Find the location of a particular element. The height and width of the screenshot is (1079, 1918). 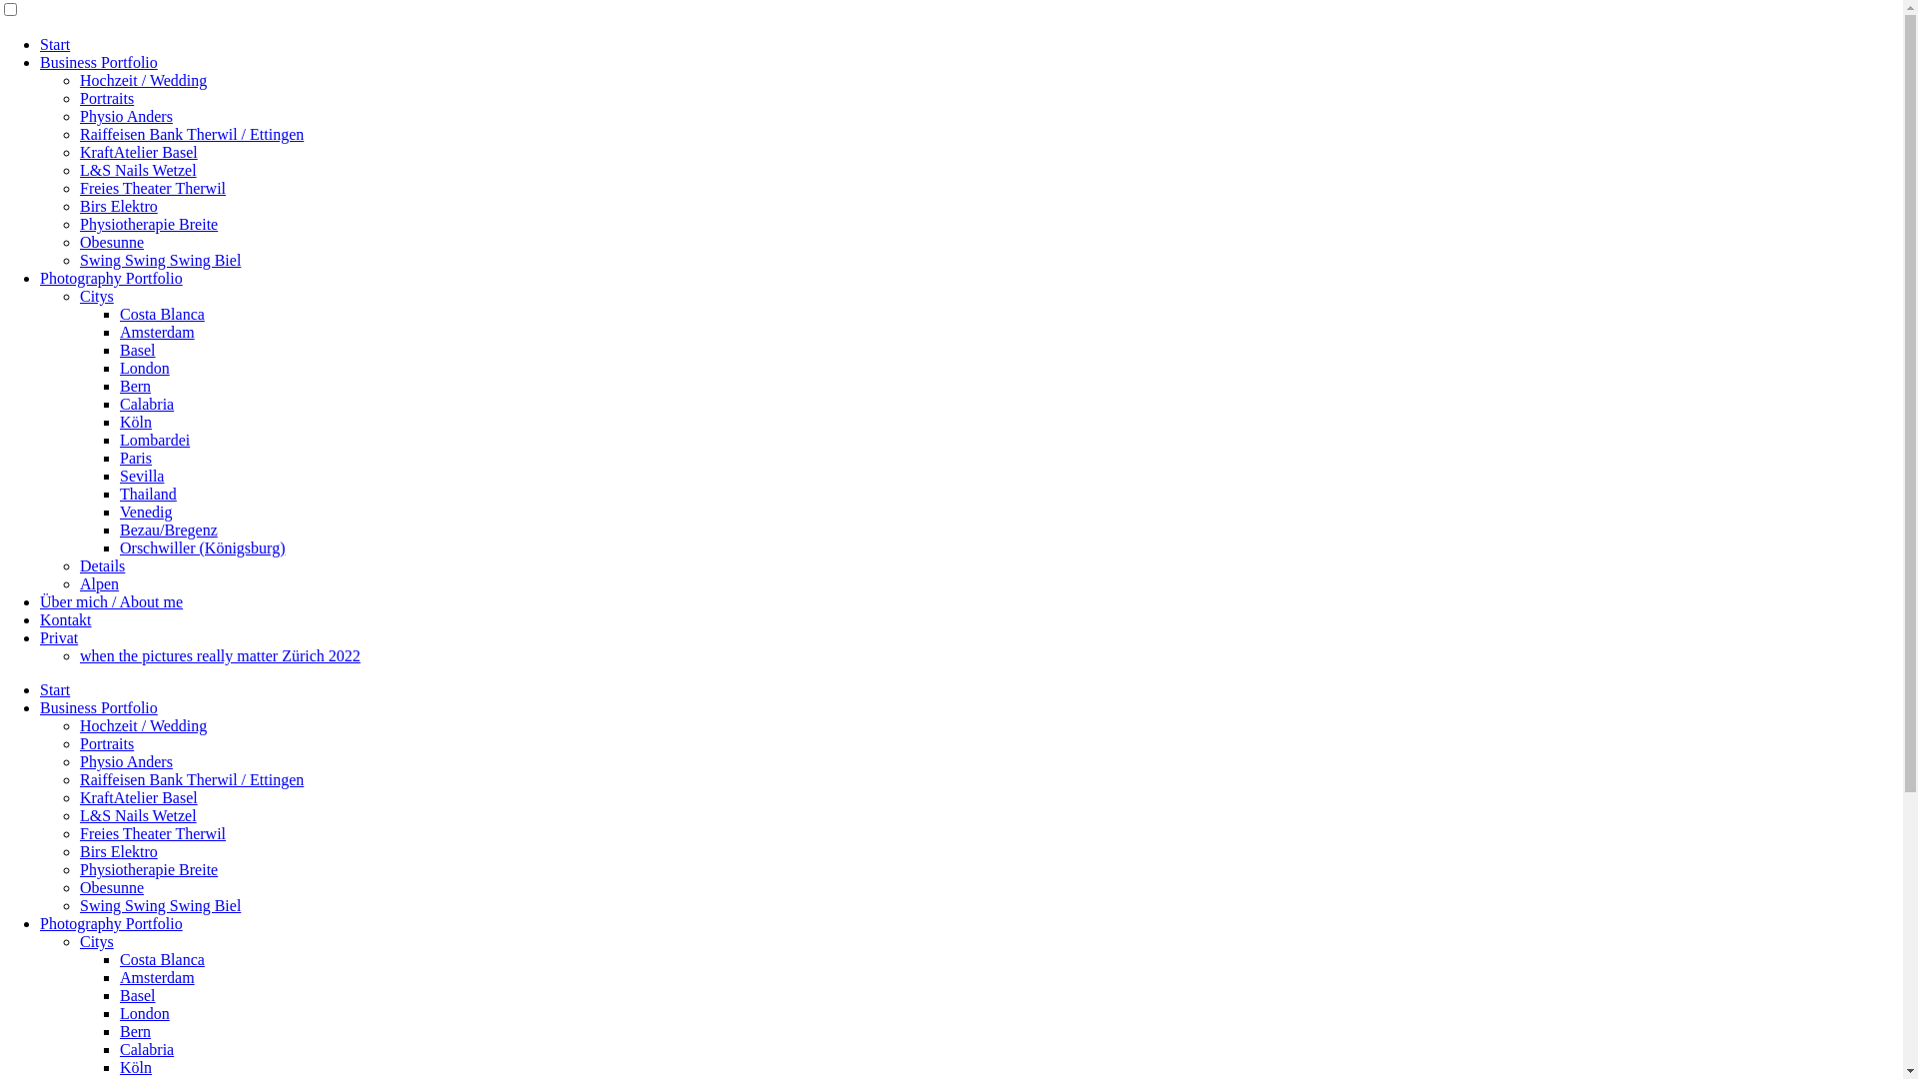

'Privat' is located at coordinates (39, 637).